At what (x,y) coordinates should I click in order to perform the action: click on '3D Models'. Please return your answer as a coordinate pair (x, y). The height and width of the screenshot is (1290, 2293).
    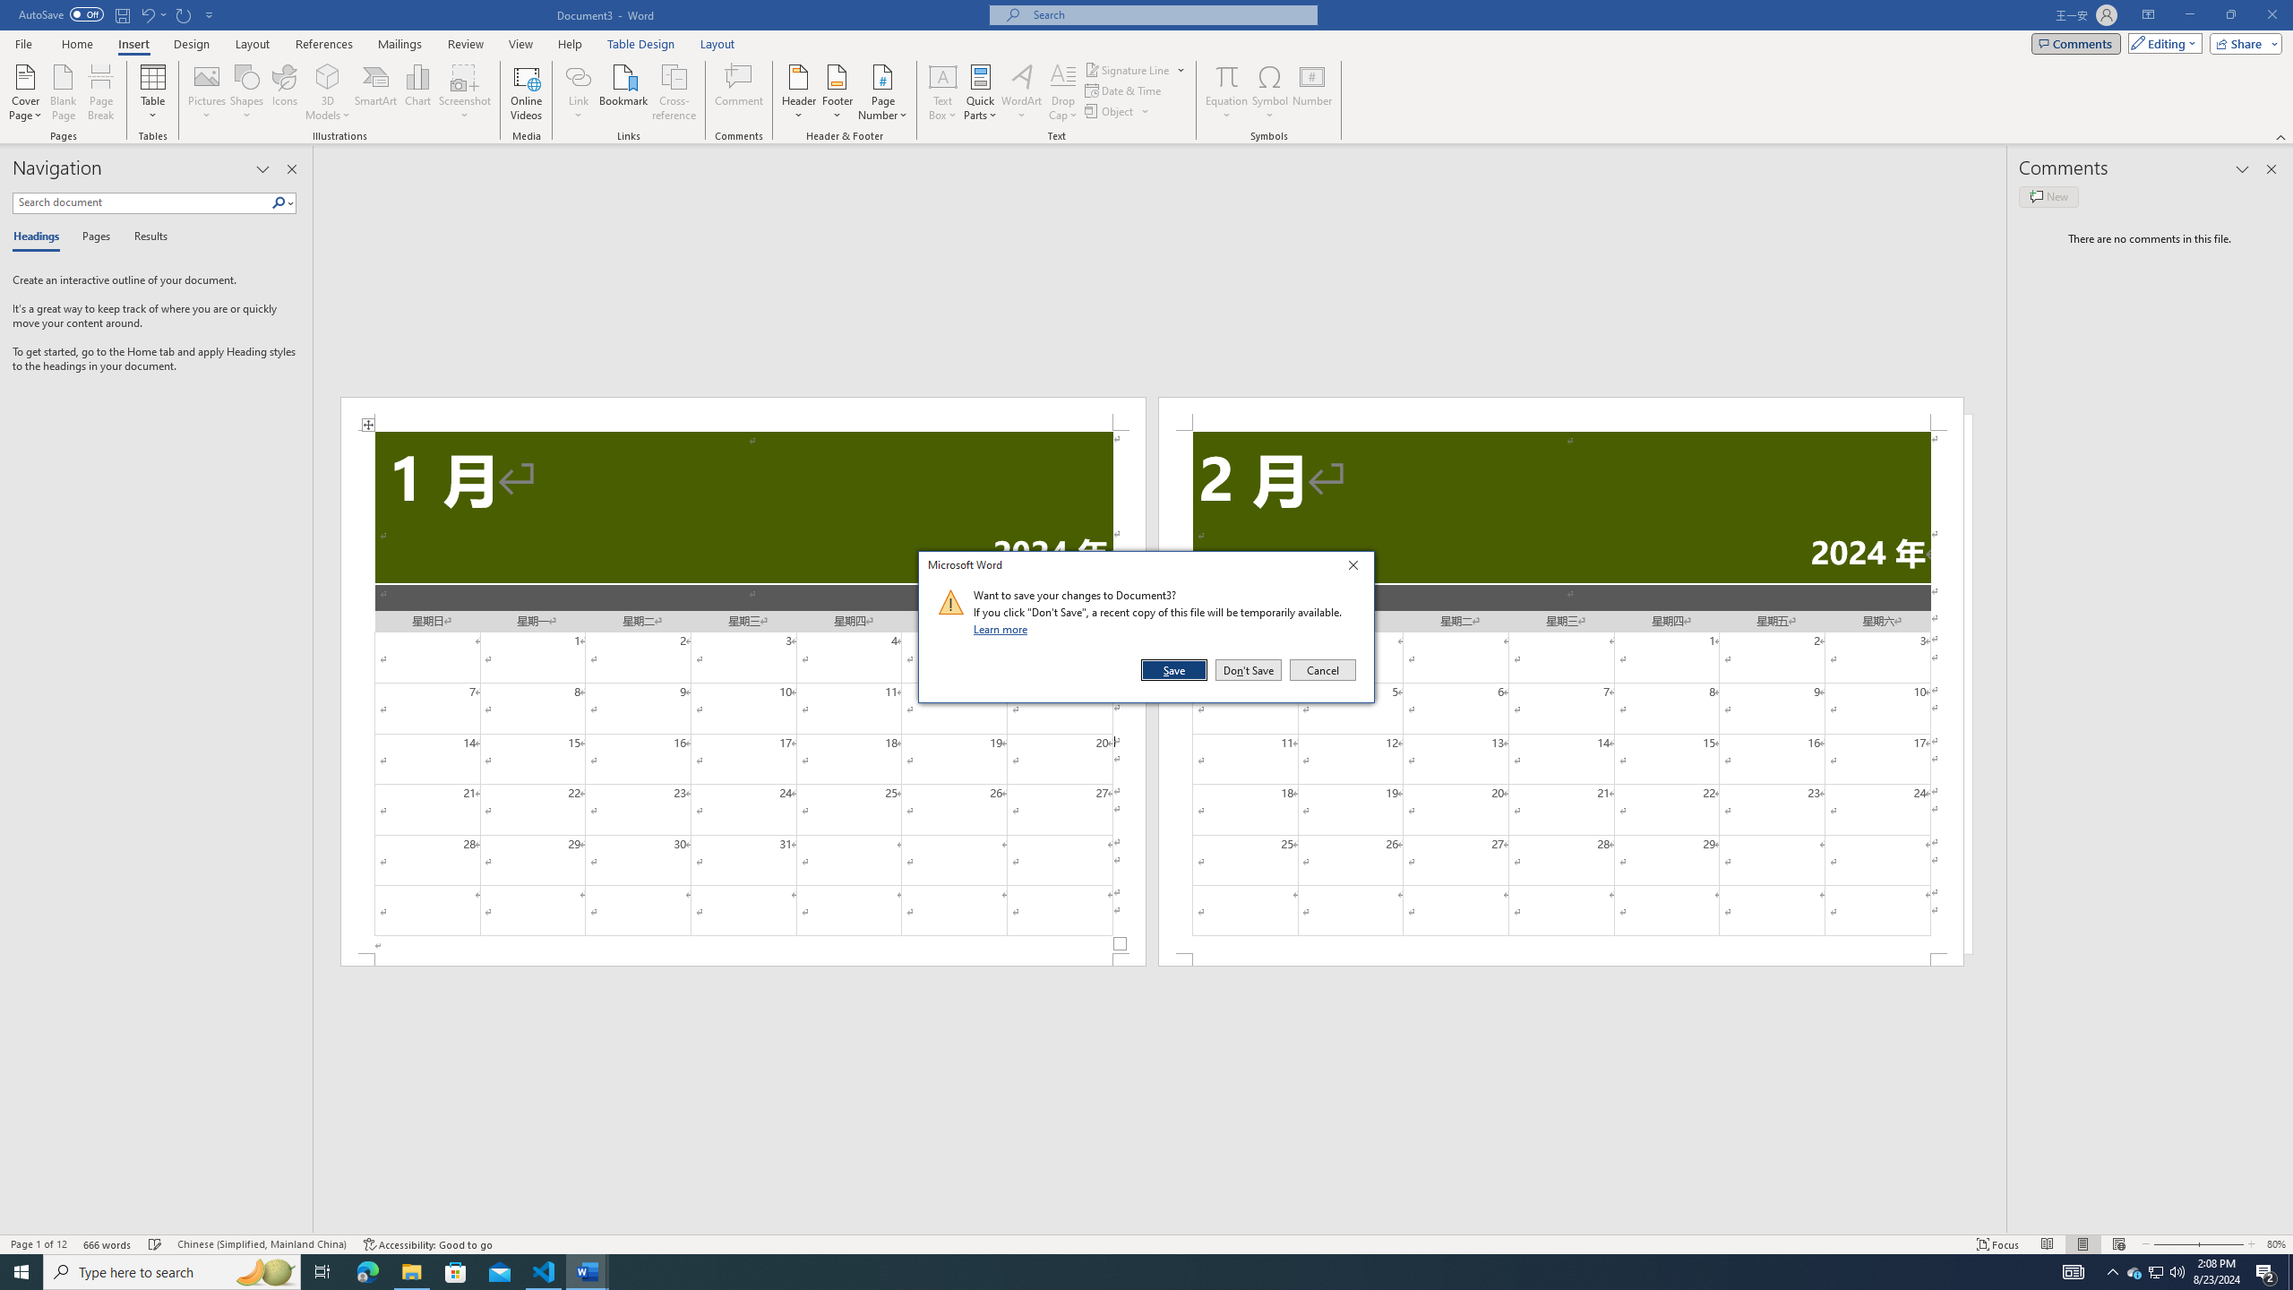
    Looking at the image, I should click on (328, 75).